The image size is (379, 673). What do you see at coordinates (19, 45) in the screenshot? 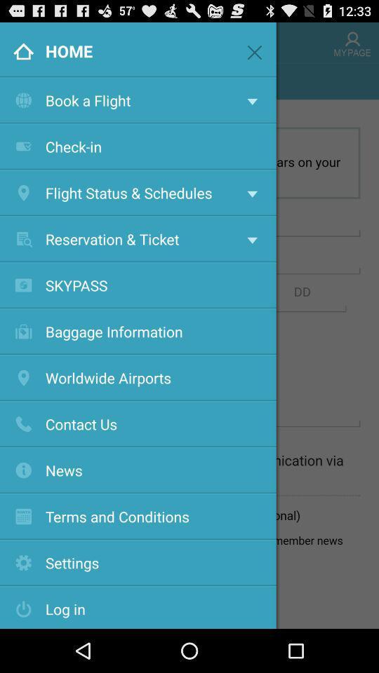
I see `the home icon` at bounding box center [19, 45].